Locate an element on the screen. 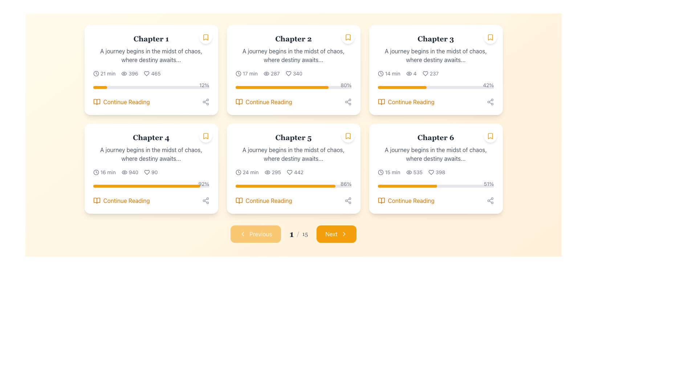 Image resolution: width=697 pixels, height=392 pixels. the decorative SVG circle within the clock icon on the 'Chapter 5' card, which symbolizes time-related data is located at coordinates (238, 172).